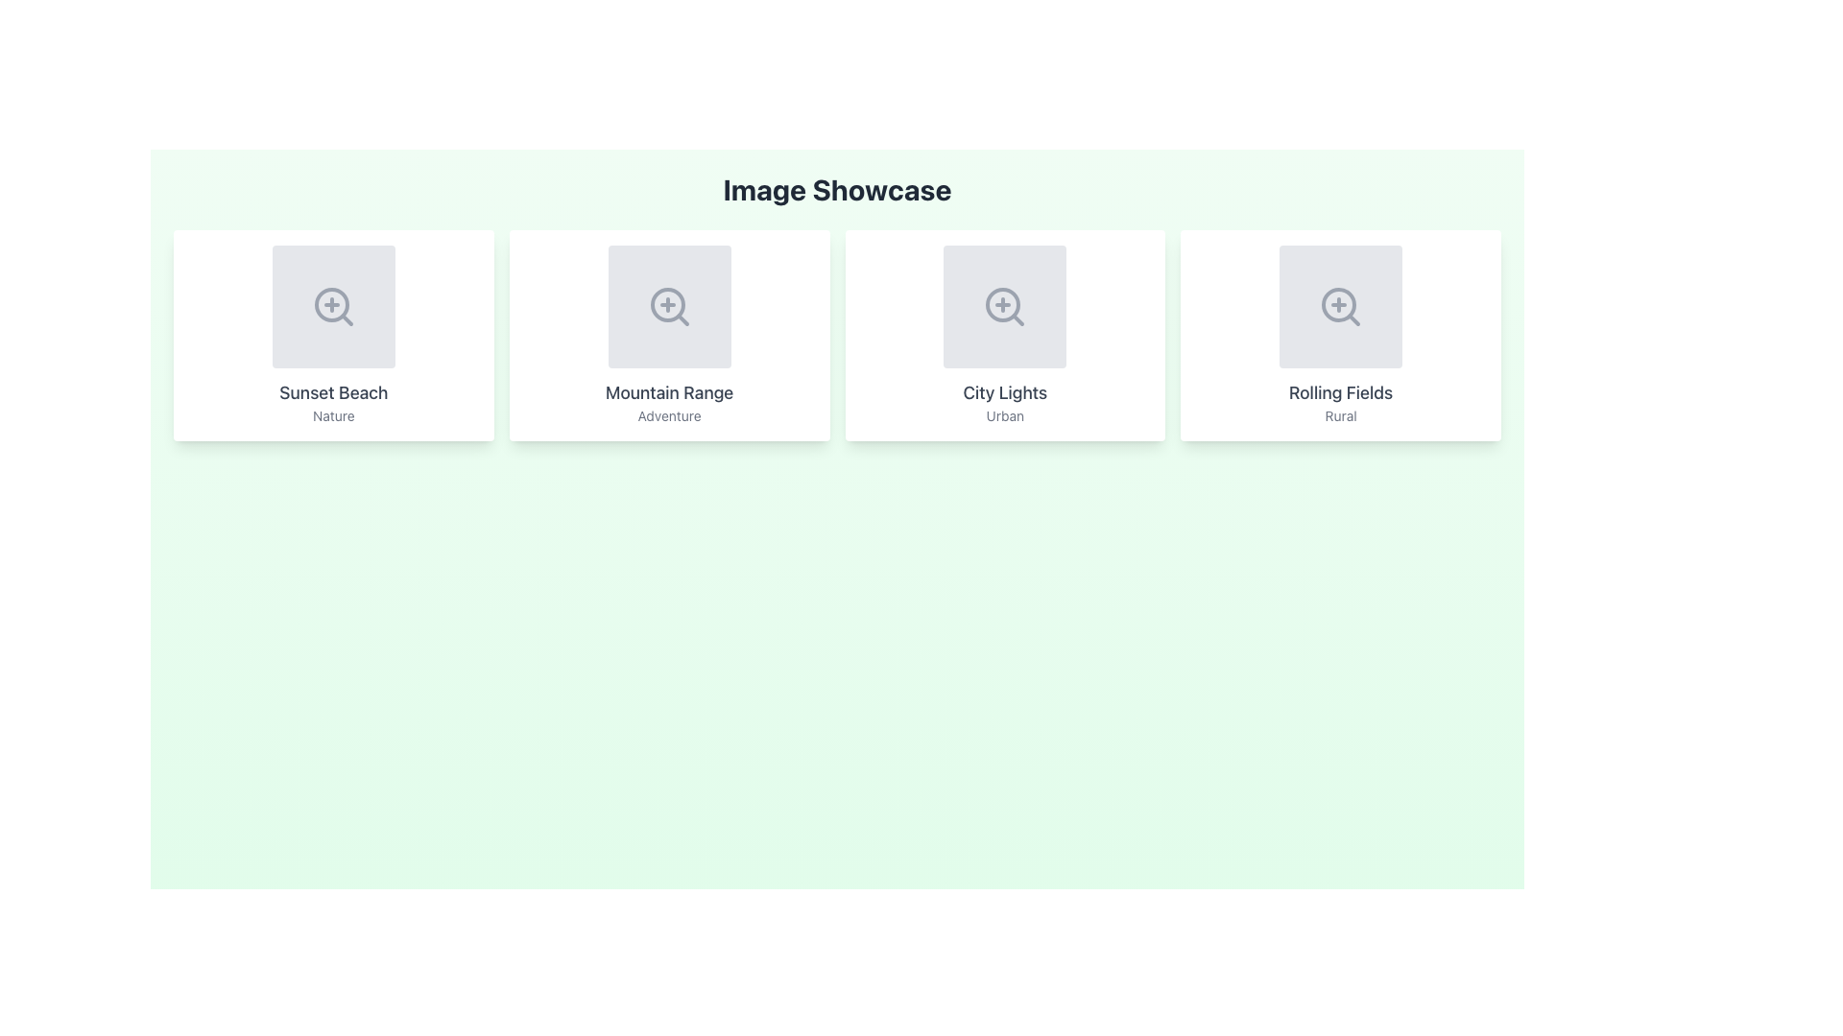  I want to click on the zoom-in button located in the first card of the 'Image Showcase' section, so click(333, 306).